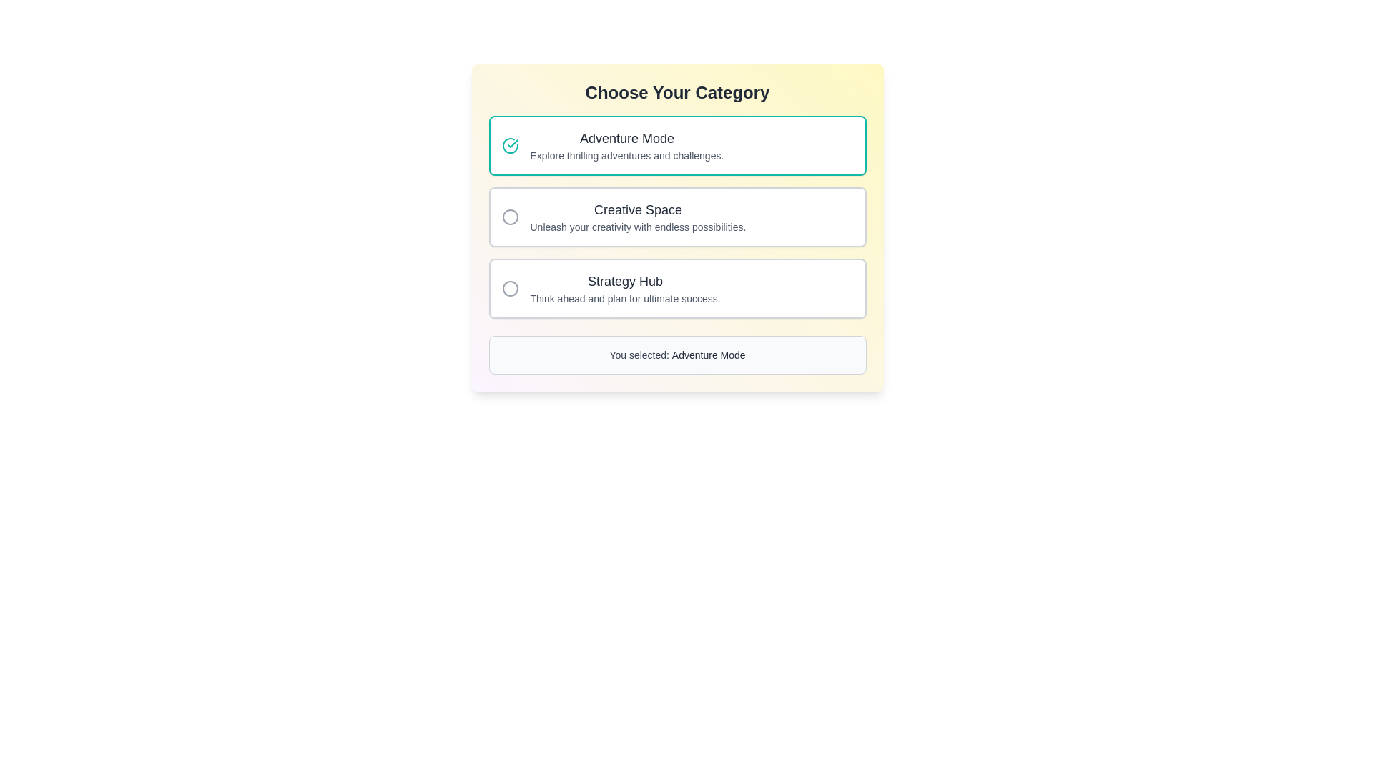 Image resolution: width=1373 pixels, height=772 pixels. What do you see at coordinates (510, 146) in the screenshot?
I see `the circular checkmark icon with a teal outline located to the left of the 'Adventure Mode' text in the top left corner of the first card` at bounding box center [510, 146].